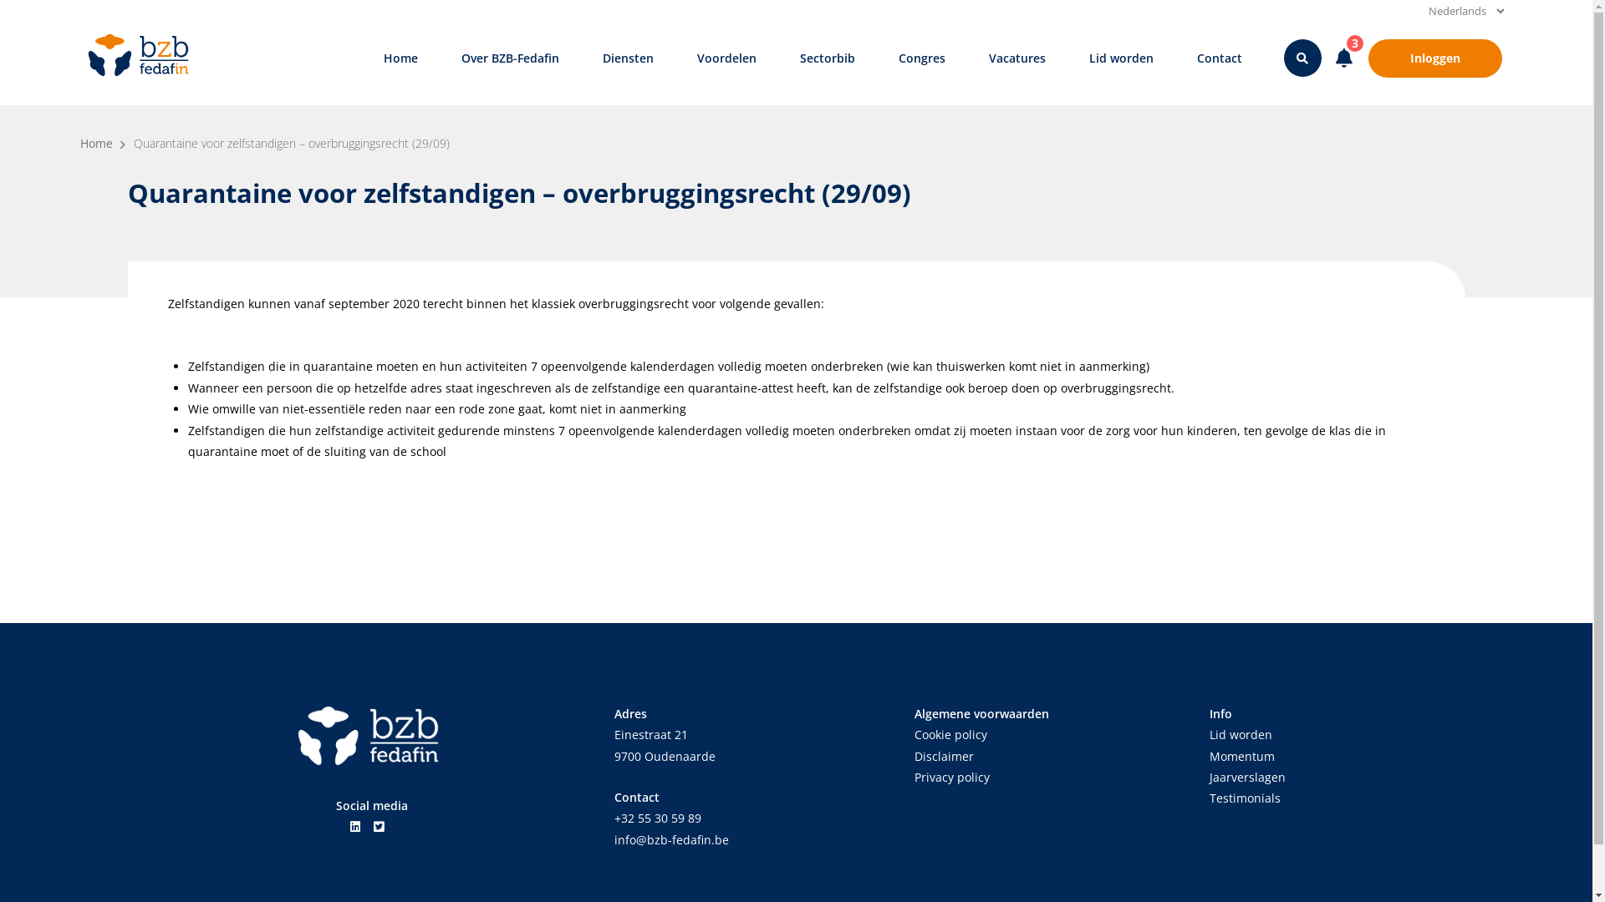 The width and height of the screenshot is (1605, 902). What do you see at coordinates (1241, 756) in the screenshot?
I see `'Momentum'` at bounding box center [1241, 756].